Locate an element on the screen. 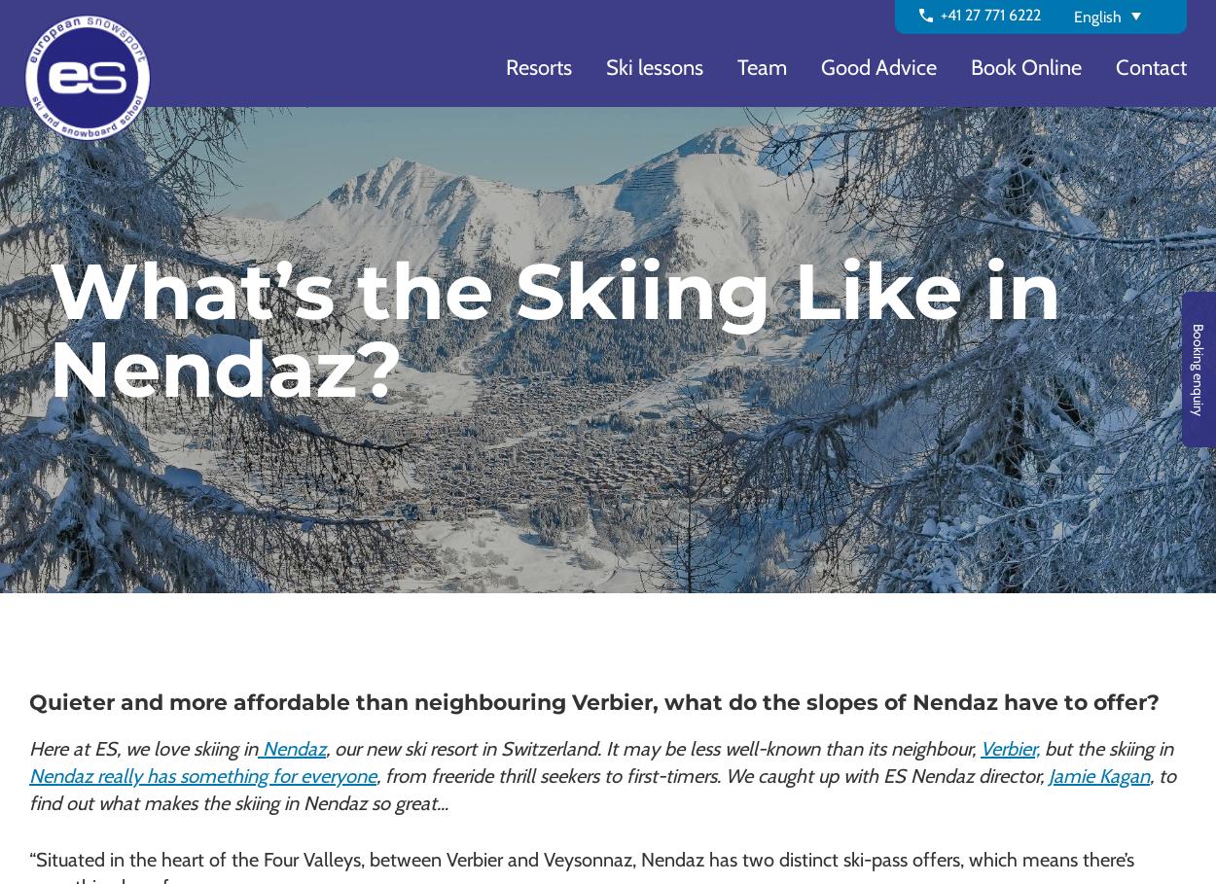 The width and height of the screenshot is (1216, 884). 'Svenska' is located at coordinates (1101, 232).